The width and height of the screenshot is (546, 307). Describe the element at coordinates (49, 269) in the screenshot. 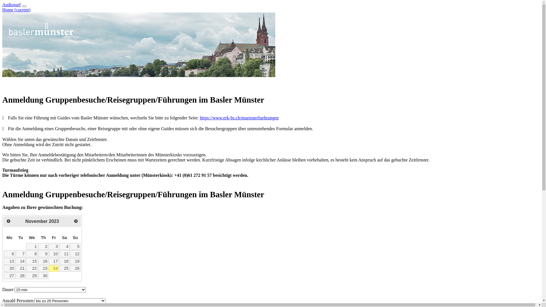

I see `'24'` at that location.